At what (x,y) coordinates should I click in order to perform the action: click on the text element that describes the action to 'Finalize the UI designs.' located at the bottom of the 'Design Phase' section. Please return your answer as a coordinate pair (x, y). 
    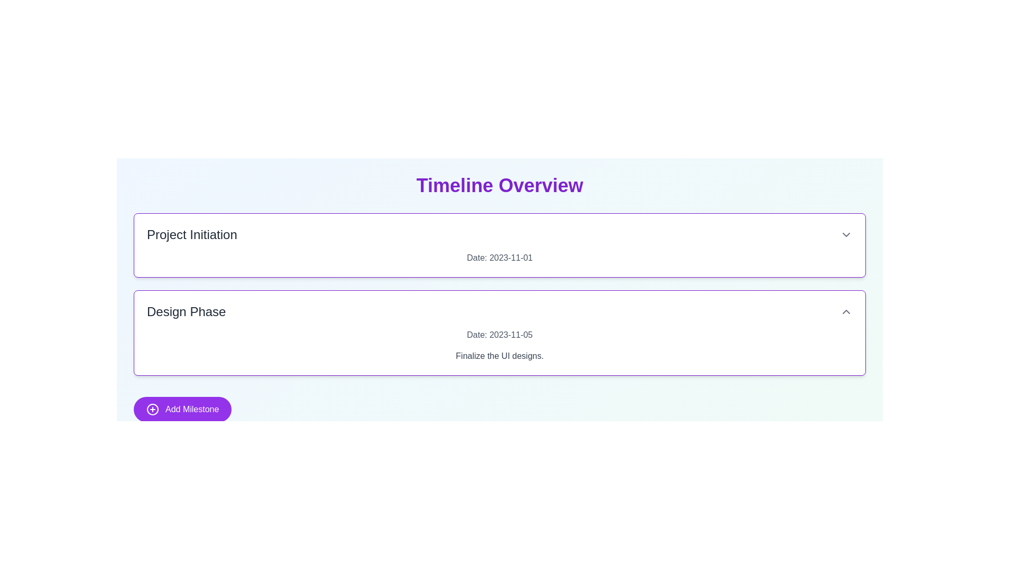
    Looking at the image, I should click on (499, 356).